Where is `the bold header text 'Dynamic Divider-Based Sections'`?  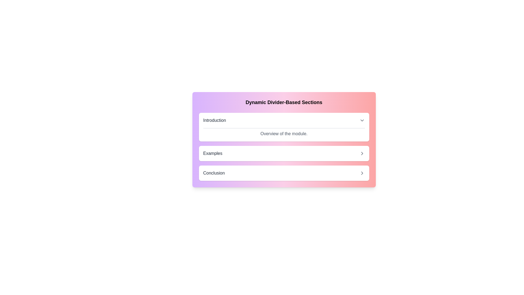
the bold header text 'Dynamic Divider-Based Sections' is located at coordinates (284, 102).